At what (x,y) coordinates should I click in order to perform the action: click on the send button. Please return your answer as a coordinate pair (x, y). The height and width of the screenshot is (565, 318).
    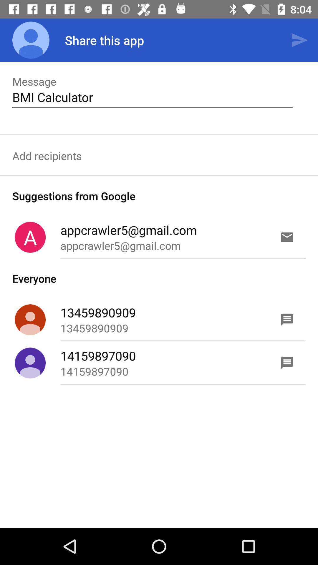
    Looking at the image, I should click on (299, 40).